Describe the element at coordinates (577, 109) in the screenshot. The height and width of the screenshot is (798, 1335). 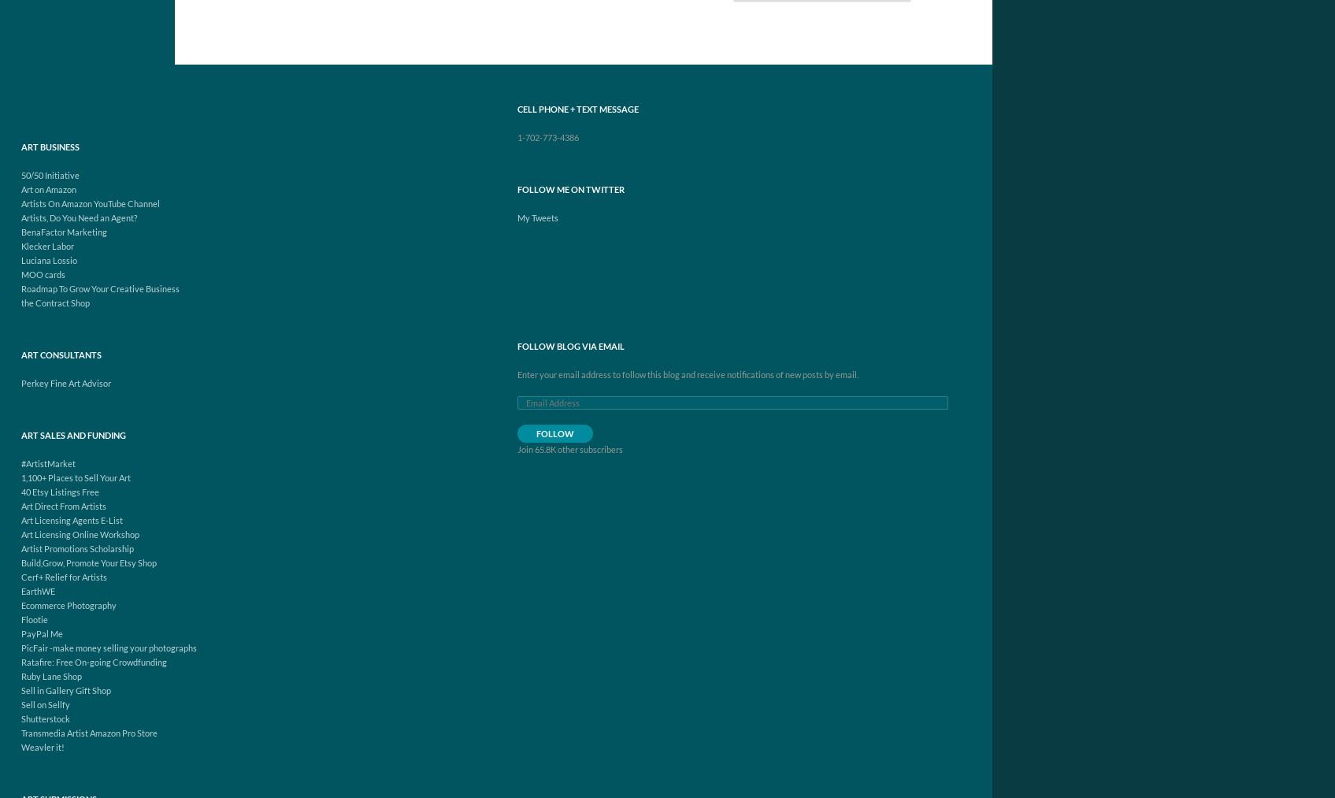
I see `'Cell Phone + Text Message'` at that location.